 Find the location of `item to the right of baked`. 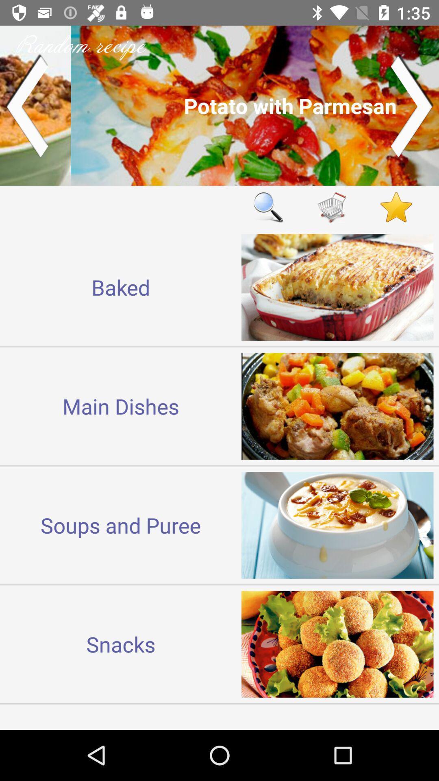

item to the right of baked is located at coordinates (268, 207).